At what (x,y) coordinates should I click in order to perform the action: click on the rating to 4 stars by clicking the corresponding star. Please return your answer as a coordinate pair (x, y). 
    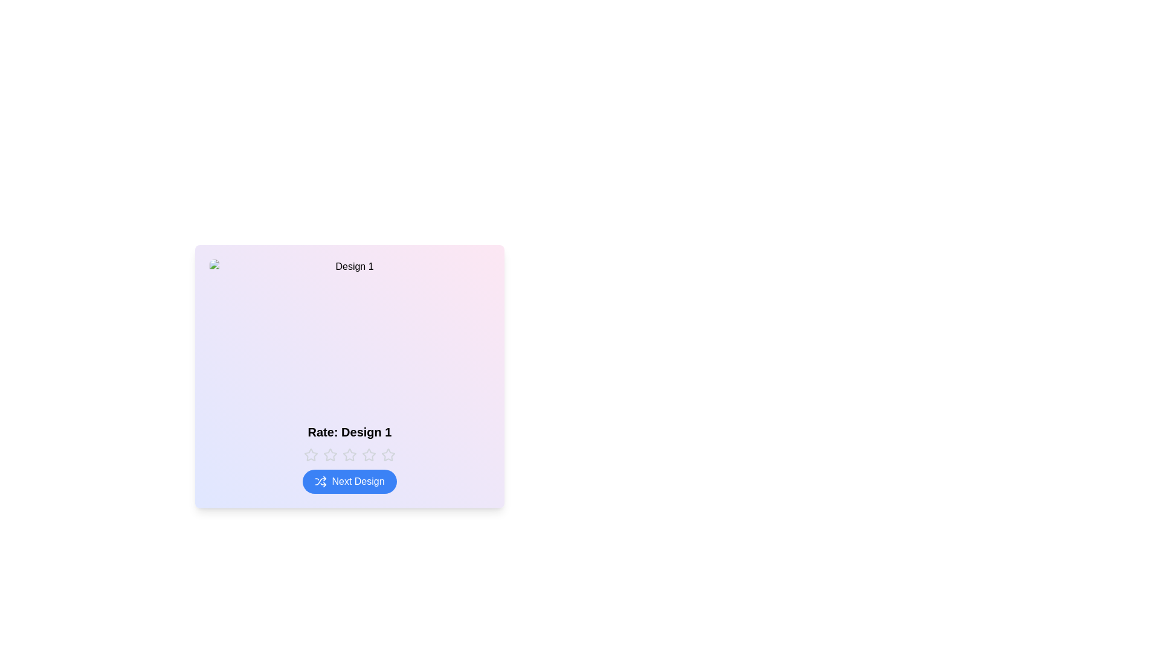
    Looking at the image, I should click on (368, 455).